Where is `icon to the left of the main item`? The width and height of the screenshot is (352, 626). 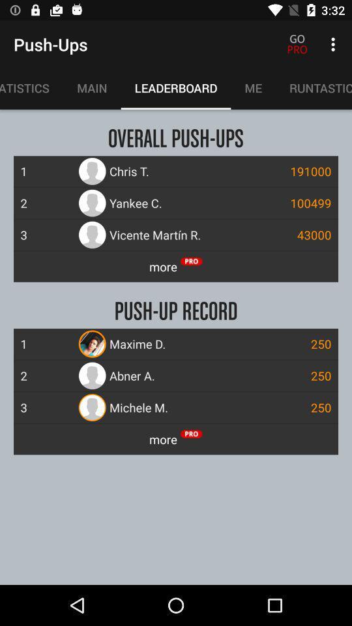
icon to the left of the main item is located at coordinates (31, 87).